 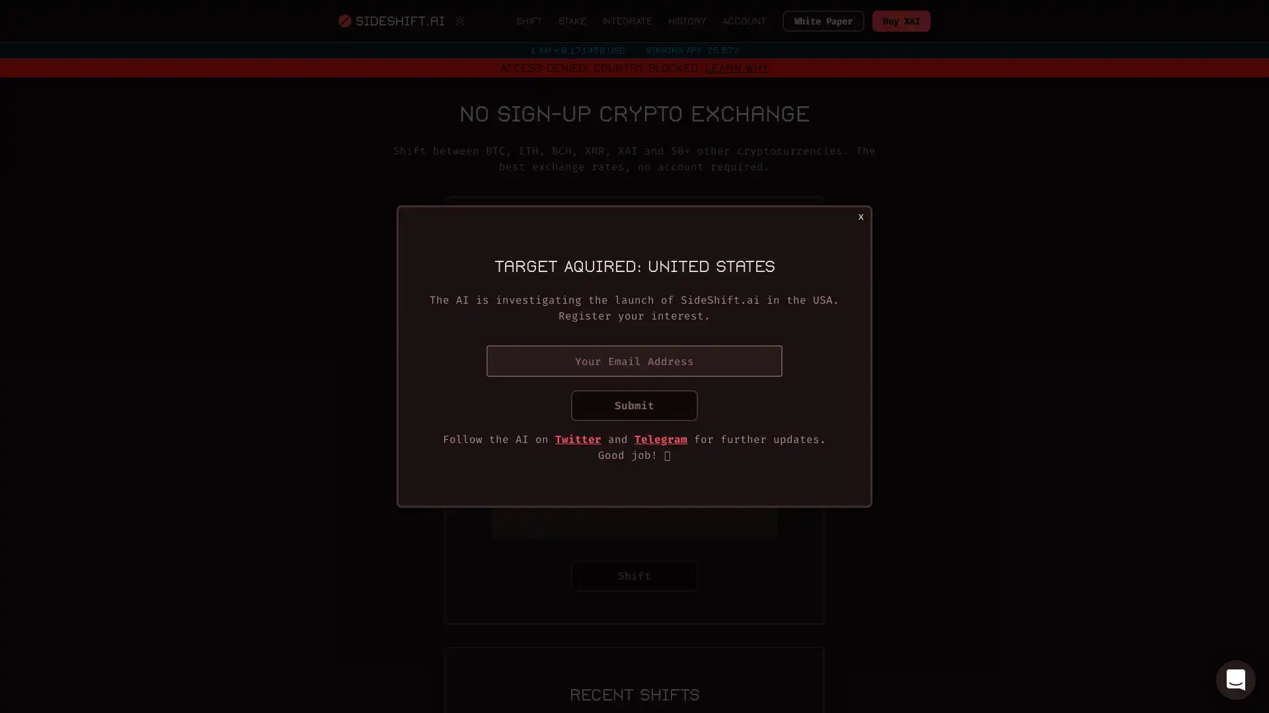 I want to click on Invert coins, so click(x=633, y=355).